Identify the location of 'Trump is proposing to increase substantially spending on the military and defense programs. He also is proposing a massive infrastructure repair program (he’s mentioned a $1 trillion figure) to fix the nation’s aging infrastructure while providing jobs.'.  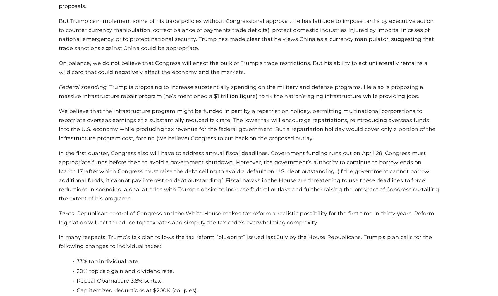
(241, 91).